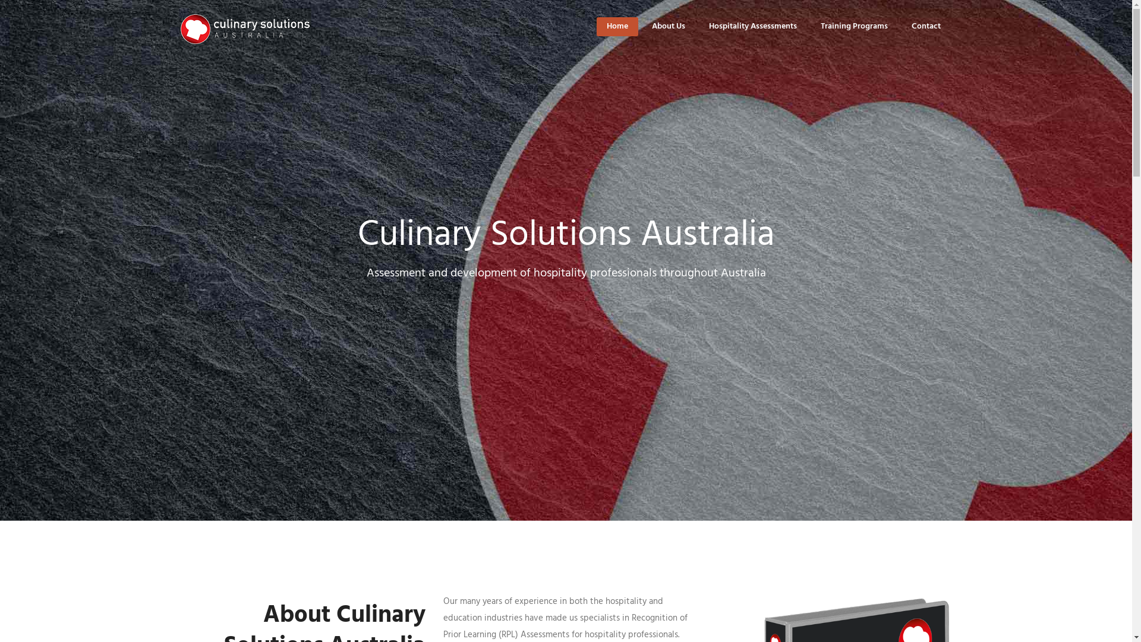 Image resolution: width=1141 pixels, height=642 pixels. What do you see at coordinates (925, 26) in the screenshot?
I see `'Contact'` at bounding box center [925, 26].